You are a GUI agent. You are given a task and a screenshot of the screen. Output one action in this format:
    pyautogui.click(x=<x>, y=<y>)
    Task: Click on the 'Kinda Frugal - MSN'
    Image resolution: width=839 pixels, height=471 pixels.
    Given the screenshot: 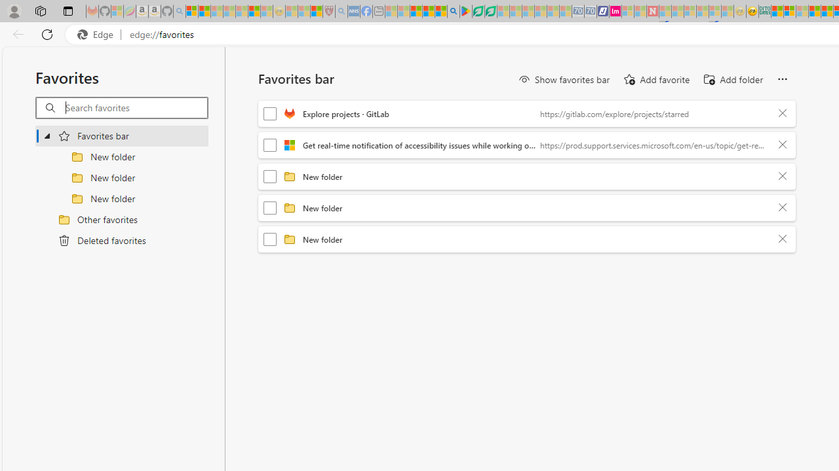 What is the action you would take?
    pyautogui.click(x=827, y=11)
    